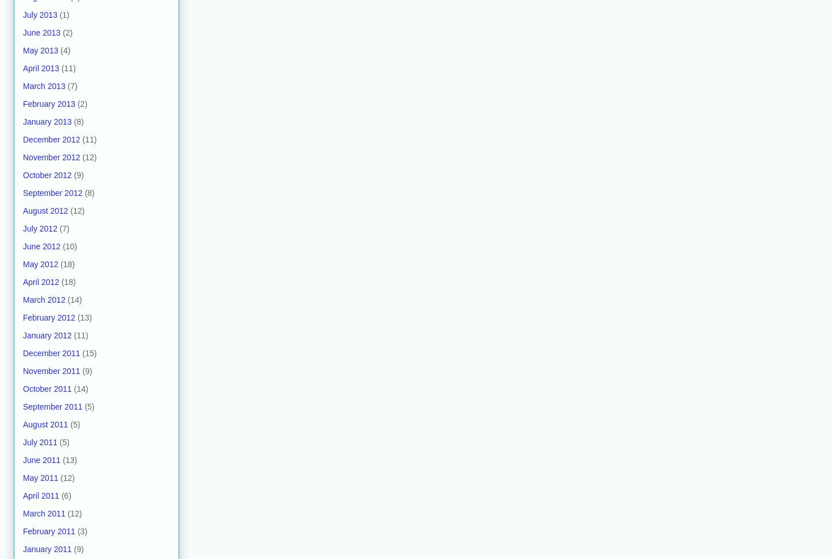  I want to click on 'March 2011', so click(22, 513).